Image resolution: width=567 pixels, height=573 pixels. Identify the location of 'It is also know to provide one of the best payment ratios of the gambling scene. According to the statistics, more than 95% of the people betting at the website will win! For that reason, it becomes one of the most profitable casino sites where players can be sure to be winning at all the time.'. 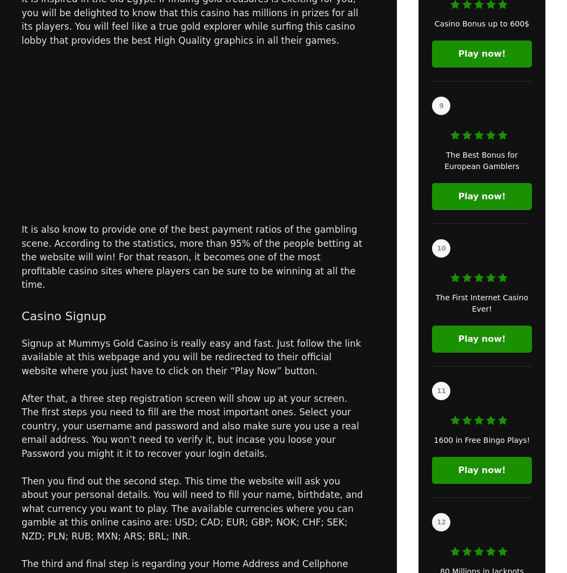
(191, 257).